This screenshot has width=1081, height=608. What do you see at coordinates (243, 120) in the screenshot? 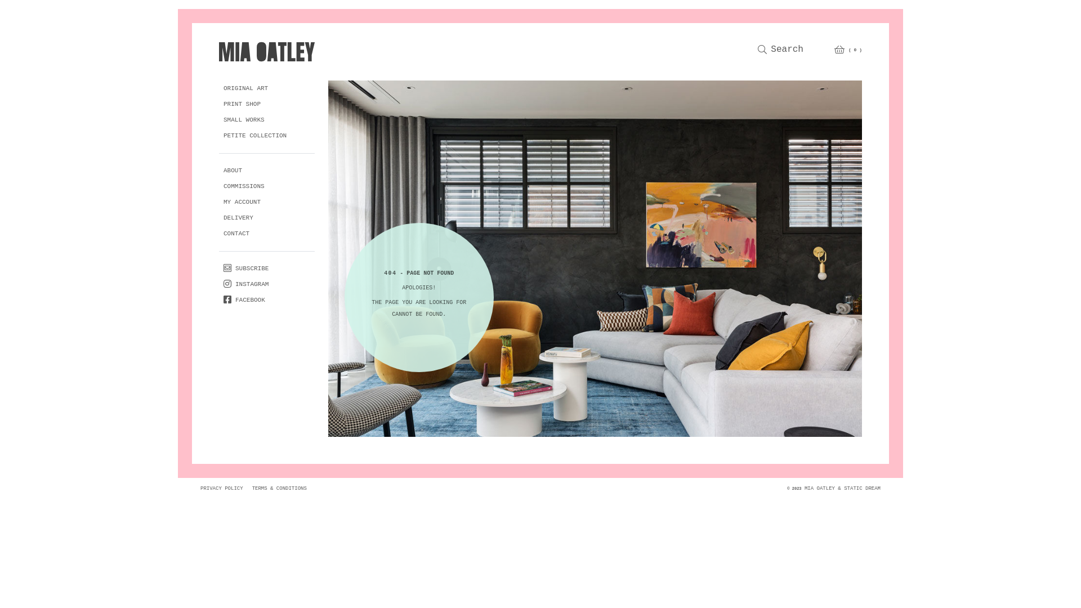
I see `'Small Works'` at bounding box center [243, 120].